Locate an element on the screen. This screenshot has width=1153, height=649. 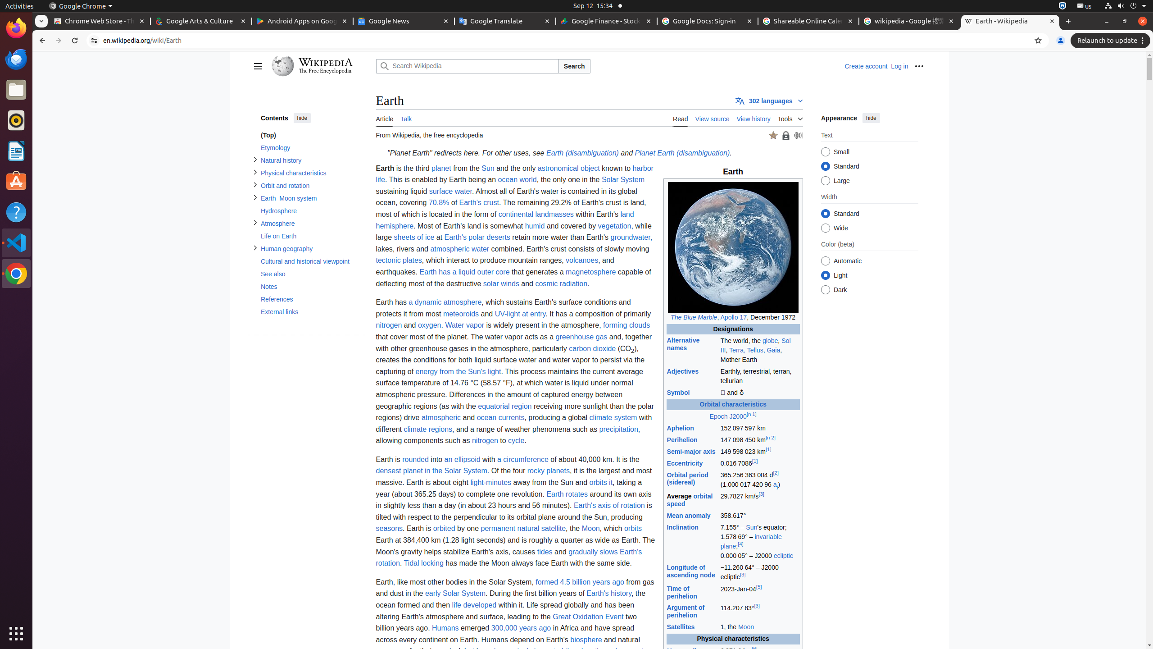
'Photograph of Earth taken by the Apollo 17 mission. The Arabian peninsula, Africa and Madagascar lie in the upper half of the disc, whereas Antarctica is at the bottom. The Blue Marble, Apollo 17, December 1972' is located at coordinates (732, 252).